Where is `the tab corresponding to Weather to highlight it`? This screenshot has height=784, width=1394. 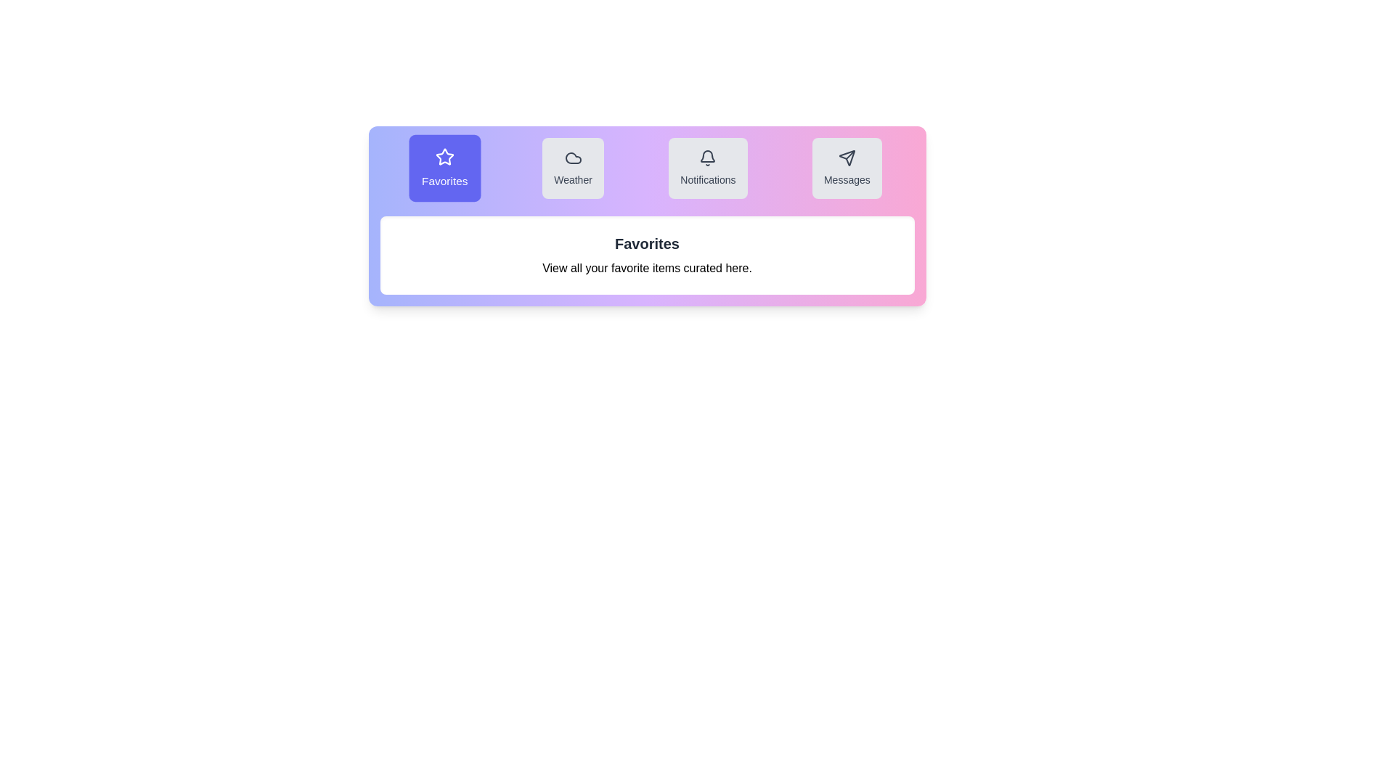
the tab corresponding to Weather to highlight it is located at coordinates (572, 167).